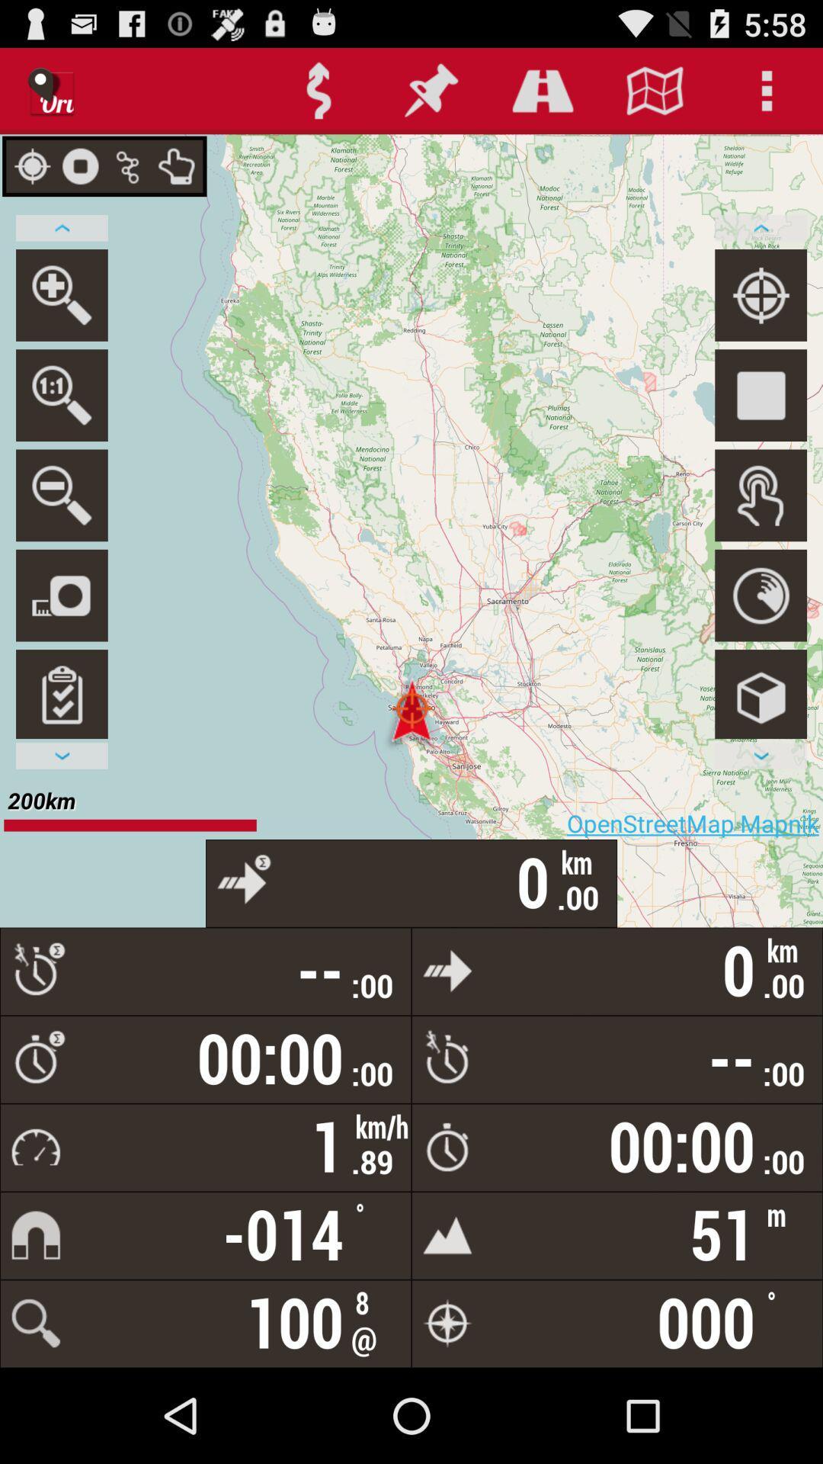 This screenshot has height=1464, width=823. What do you see at coordinates (61, 315) in the screenshot?
I see `the search icon` at bounding box center [61, 315].